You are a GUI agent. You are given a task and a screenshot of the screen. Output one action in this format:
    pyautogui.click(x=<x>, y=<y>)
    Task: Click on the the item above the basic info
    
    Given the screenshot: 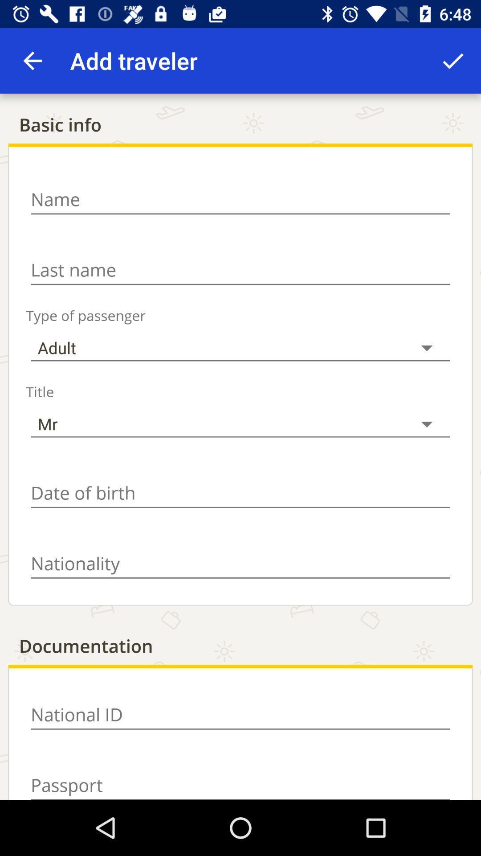 What is the action you would take?
    pyautogui.click(x=453, y=60)
    